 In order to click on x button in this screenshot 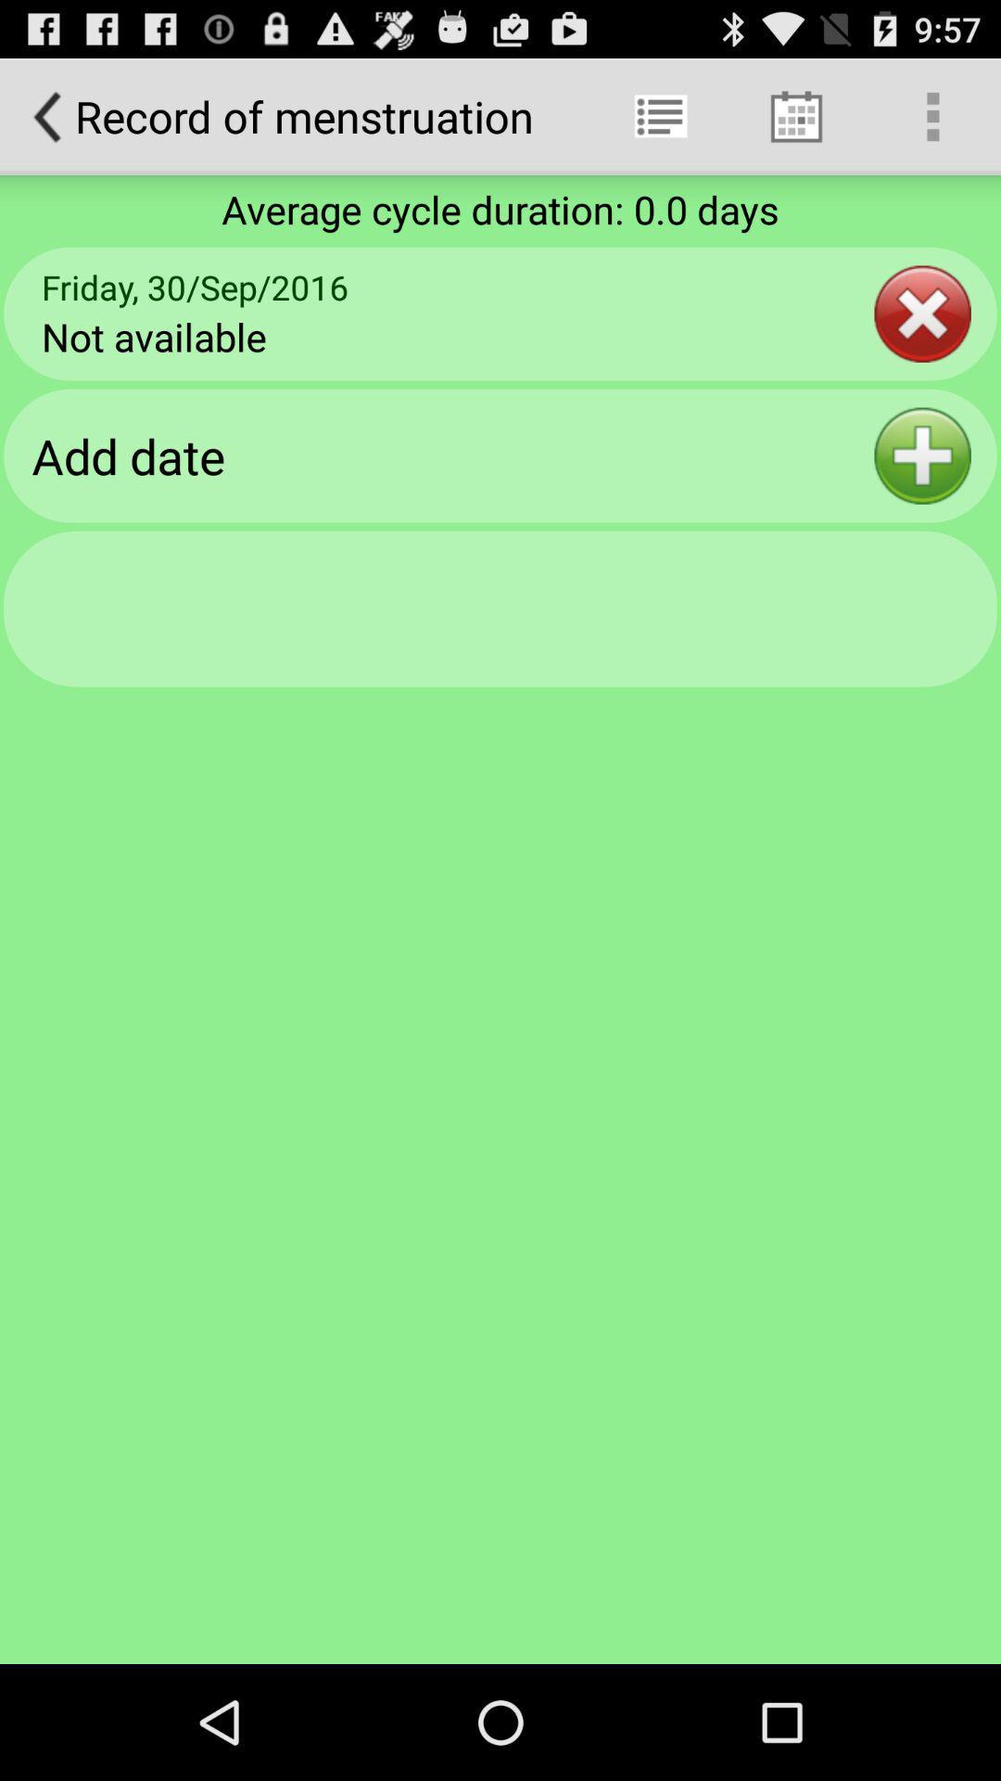, I will do `click(922, 314)`.